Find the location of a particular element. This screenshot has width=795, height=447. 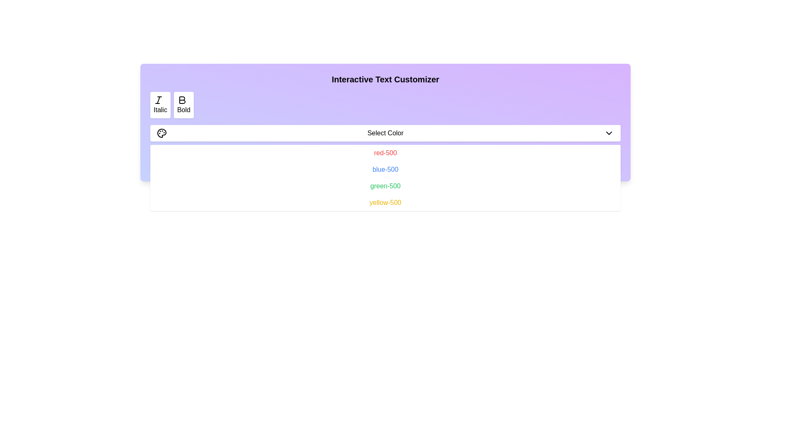

the bold formatting button located to the right of the 'Italic' button is located at coordinates (183, 105).